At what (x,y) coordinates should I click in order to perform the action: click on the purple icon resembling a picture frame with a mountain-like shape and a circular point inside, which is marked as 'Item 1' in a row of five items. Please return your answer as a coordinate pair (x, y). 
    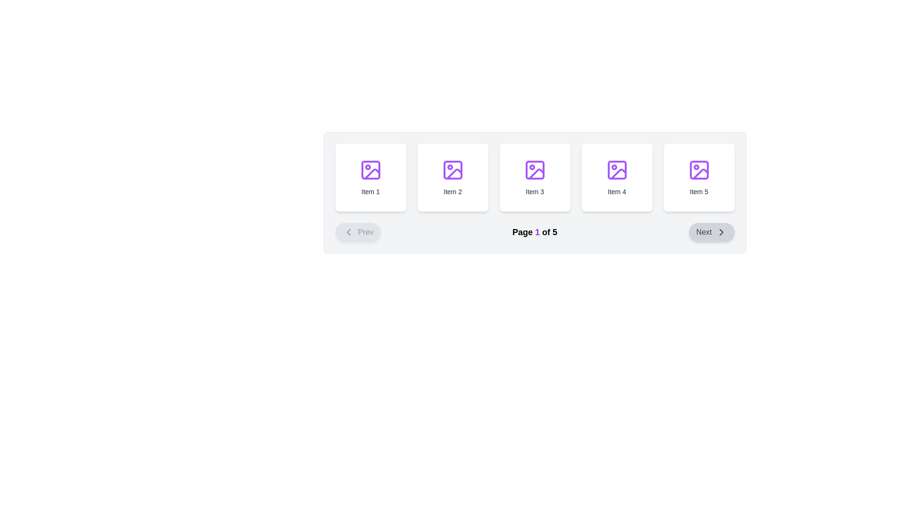
    Looking at the image, I should click on (370, 170).